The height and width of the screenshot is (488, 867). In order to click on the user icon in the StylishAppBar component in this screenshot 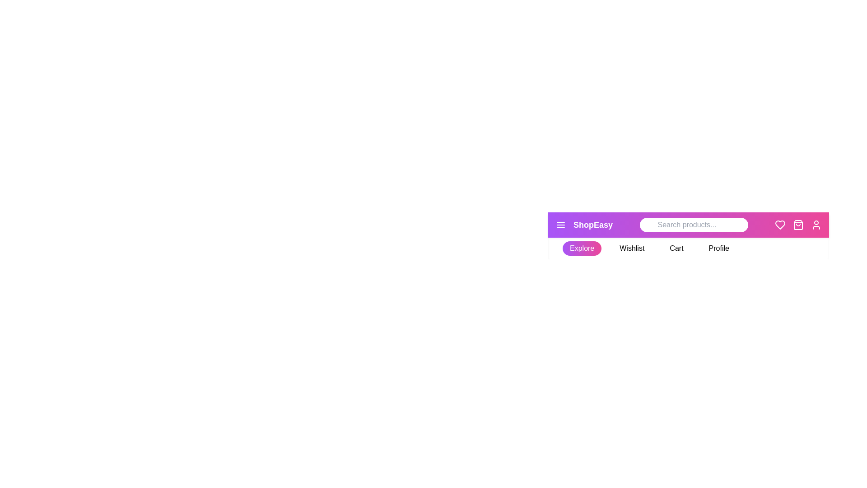, I will do `click(816, 224)`.